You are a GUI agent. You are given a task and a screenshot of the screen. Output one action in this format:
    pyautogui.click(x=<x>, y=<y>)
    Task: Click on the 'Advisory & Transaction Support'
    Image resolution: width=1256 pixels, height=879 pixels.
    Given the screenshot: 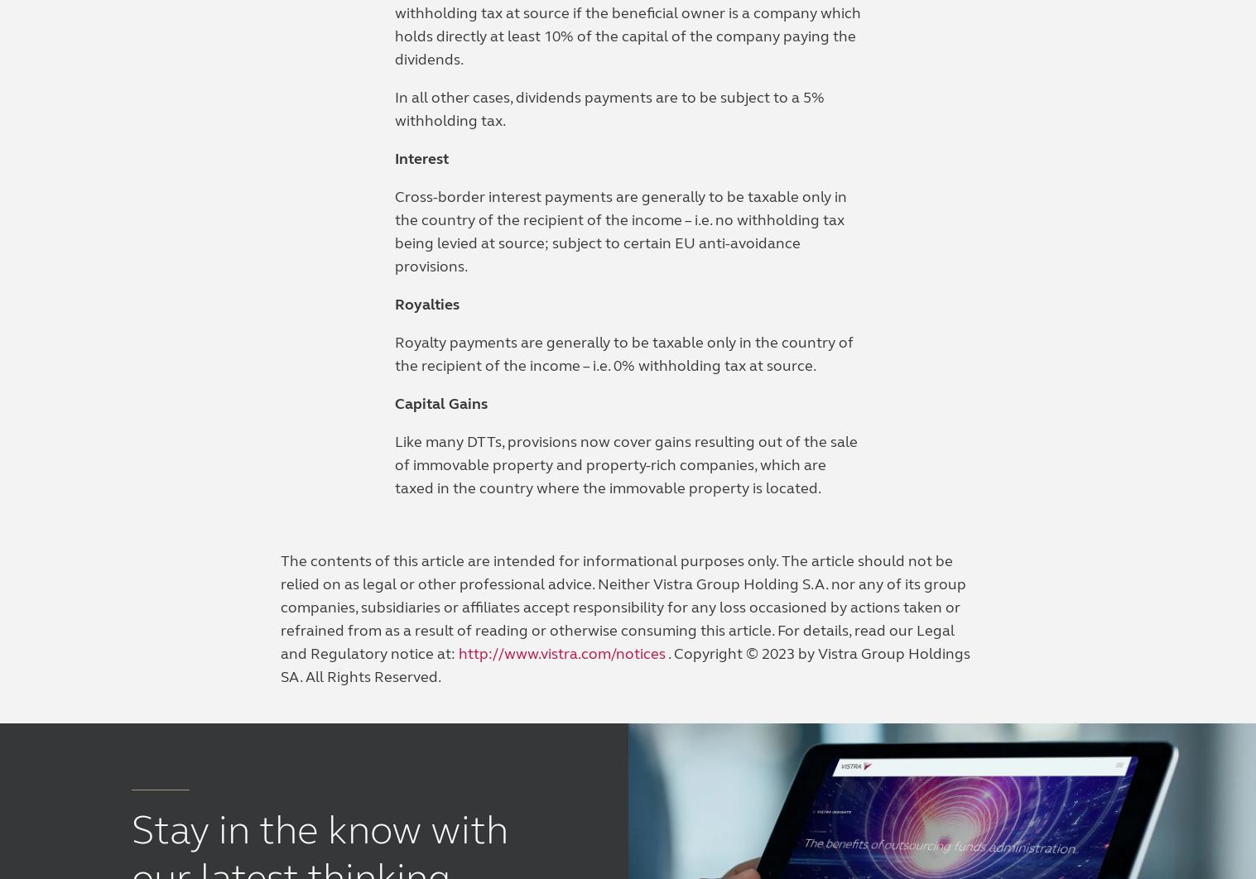 What is the action you would take?
    pyautogui.click(x=131, y=403)
    